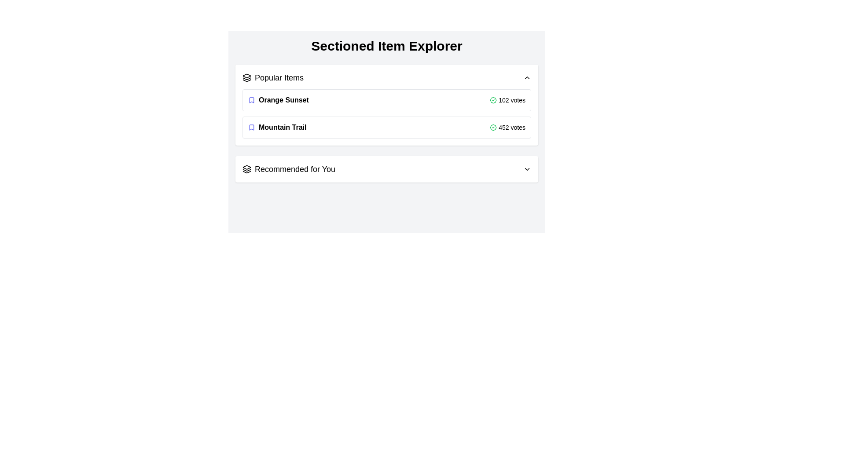  What do you see at coordinates (527, 169) in the screenshot?
I see `the SVG Chevron Icon located next to the 'Recommended for You' text` at bounding box center [527, 169].